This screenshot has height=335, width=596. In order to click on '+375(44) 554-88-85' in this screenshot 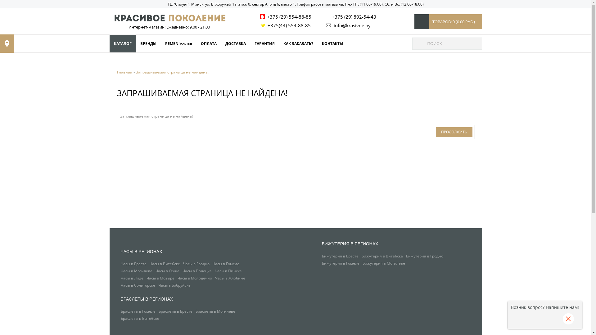, I will do `click(285, 25)`.